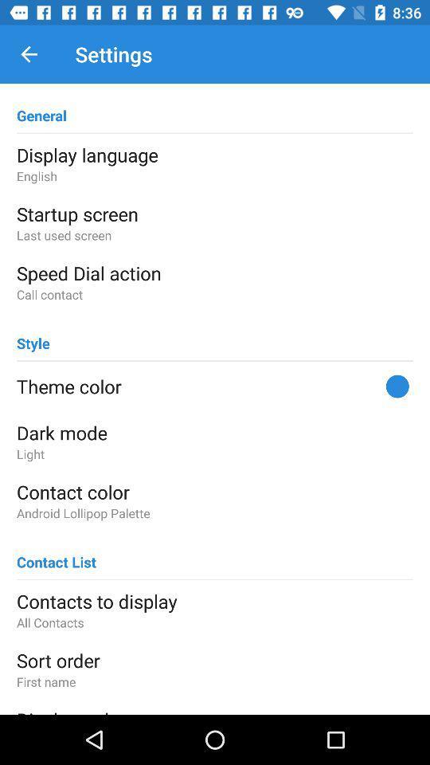 Image resolution: width=430 pixels, height=765 pixels. Describe the element at coordinates (215, 622) in the screenshot. I see `the icon above sort order` at that location.